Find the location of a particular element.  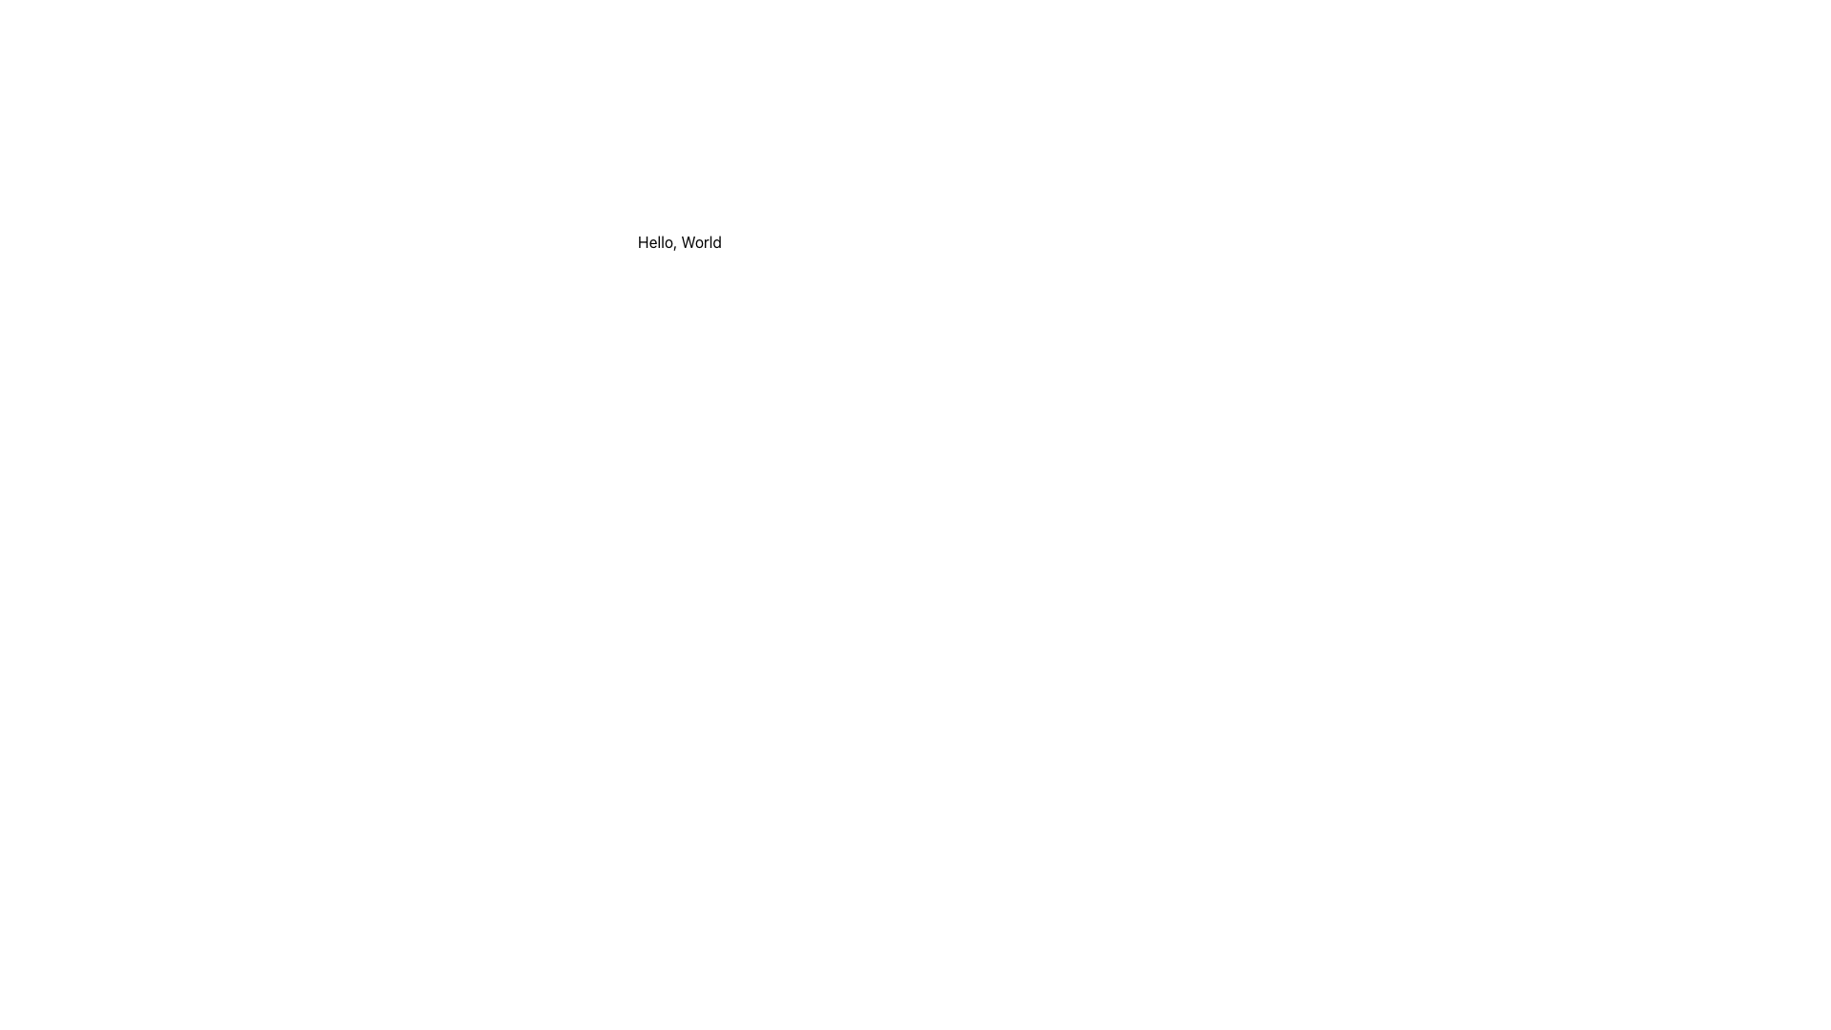

the text label displaying 'Hello, World' is located at coordinates (680, 241).